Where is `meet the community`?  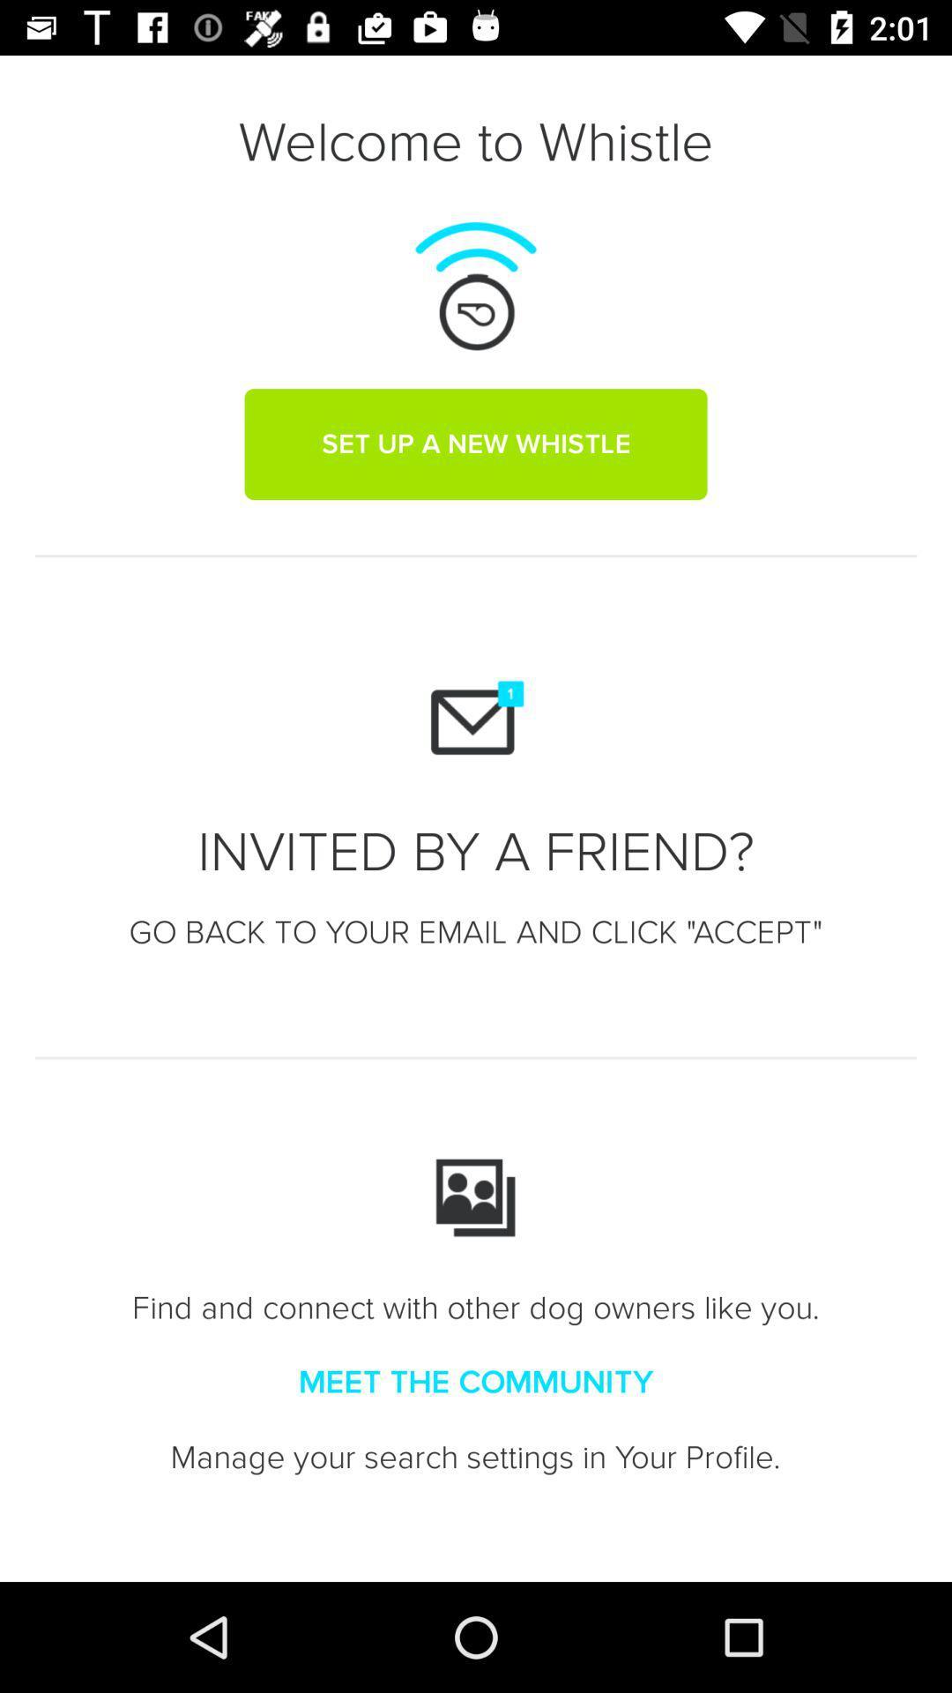 meet the community is located at coordinates (476, 1382).